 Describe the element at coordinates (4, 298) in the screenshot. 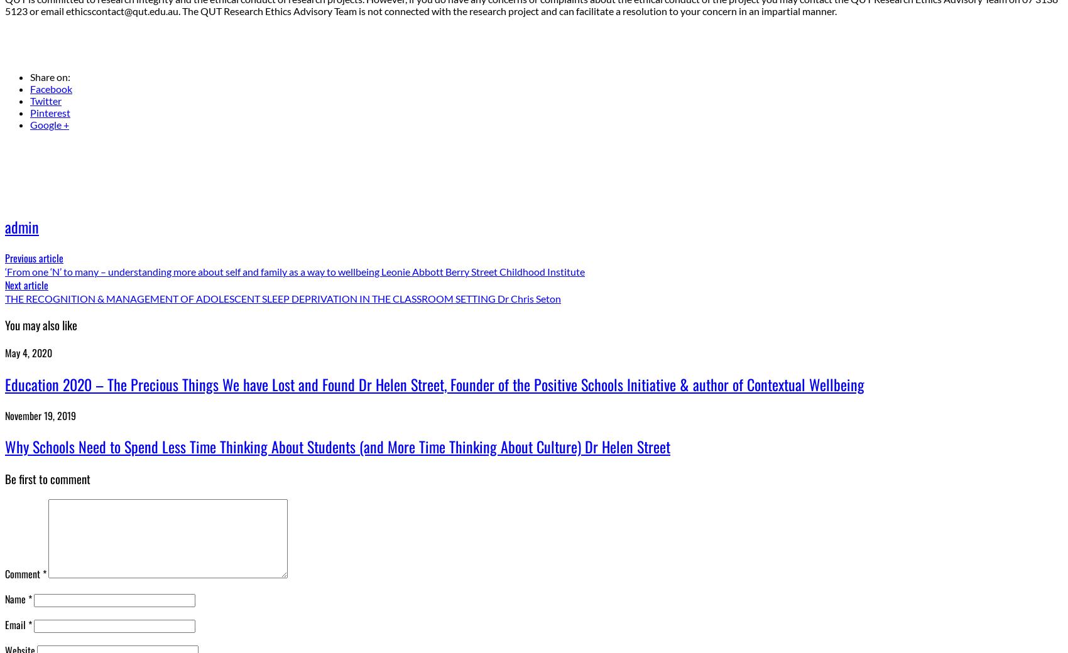

I see `'THE RECOGNITION & MANAGEMENT OF ADOLESCENT SLEEP DEPRIVATION IN THE CLASSROOM SETTING Dr Chris Seton'` at that location.